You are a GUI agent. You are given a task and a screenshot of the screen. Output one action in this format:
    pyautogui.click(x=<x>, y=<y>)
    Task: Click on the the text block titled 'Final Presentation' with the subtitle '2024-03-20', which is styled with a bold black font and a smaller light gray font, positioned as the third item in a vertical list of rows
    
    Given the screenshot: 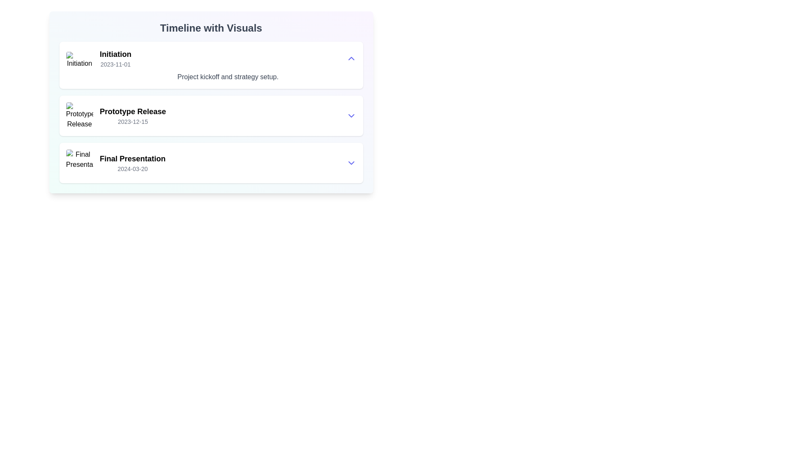 What is the action you would take?
    pyautogui.click(x=132, y=163)
    